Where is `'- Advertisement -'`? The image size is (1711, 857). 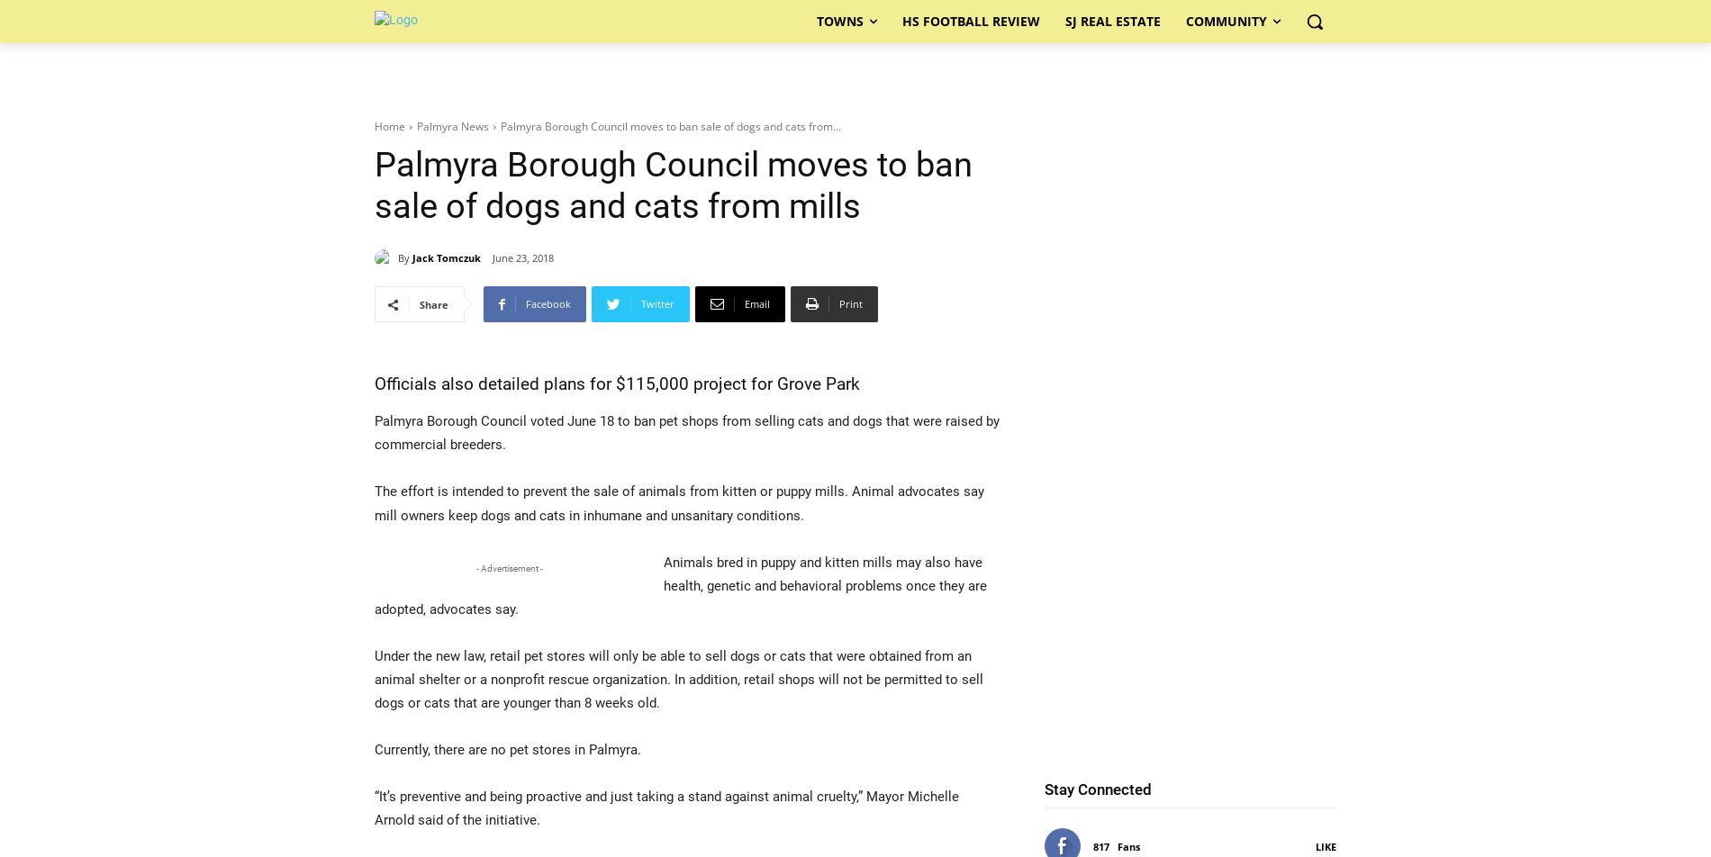
'- Advertisement -' is located at coordinates (510, 567).